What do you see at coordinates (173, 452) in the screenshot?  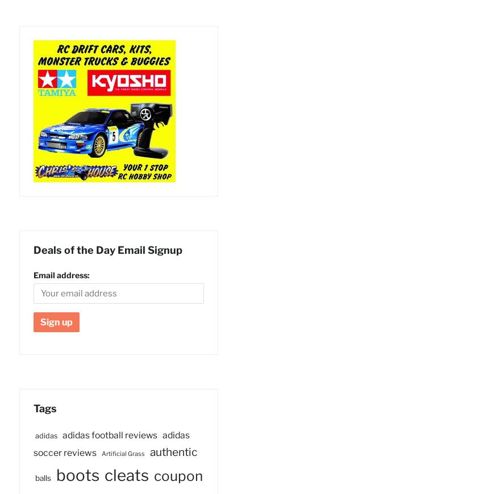 I see `'authentic'` at bounding box center [173, 452].